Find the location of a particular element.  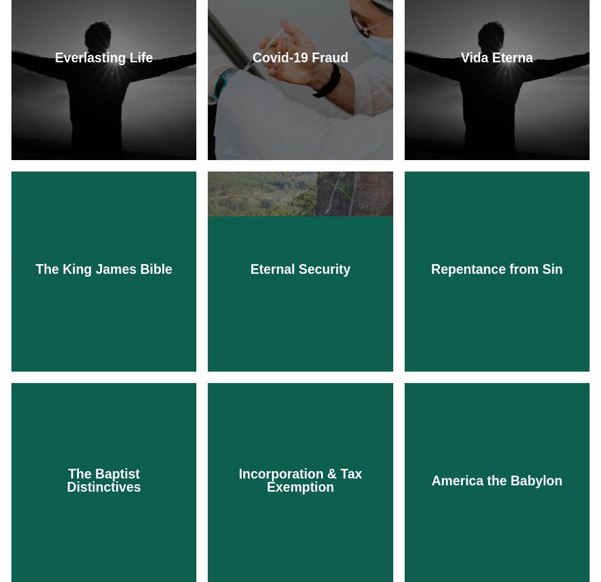

'Biblical repentance is repentance from sin.' is located at coordinates (496, 465).